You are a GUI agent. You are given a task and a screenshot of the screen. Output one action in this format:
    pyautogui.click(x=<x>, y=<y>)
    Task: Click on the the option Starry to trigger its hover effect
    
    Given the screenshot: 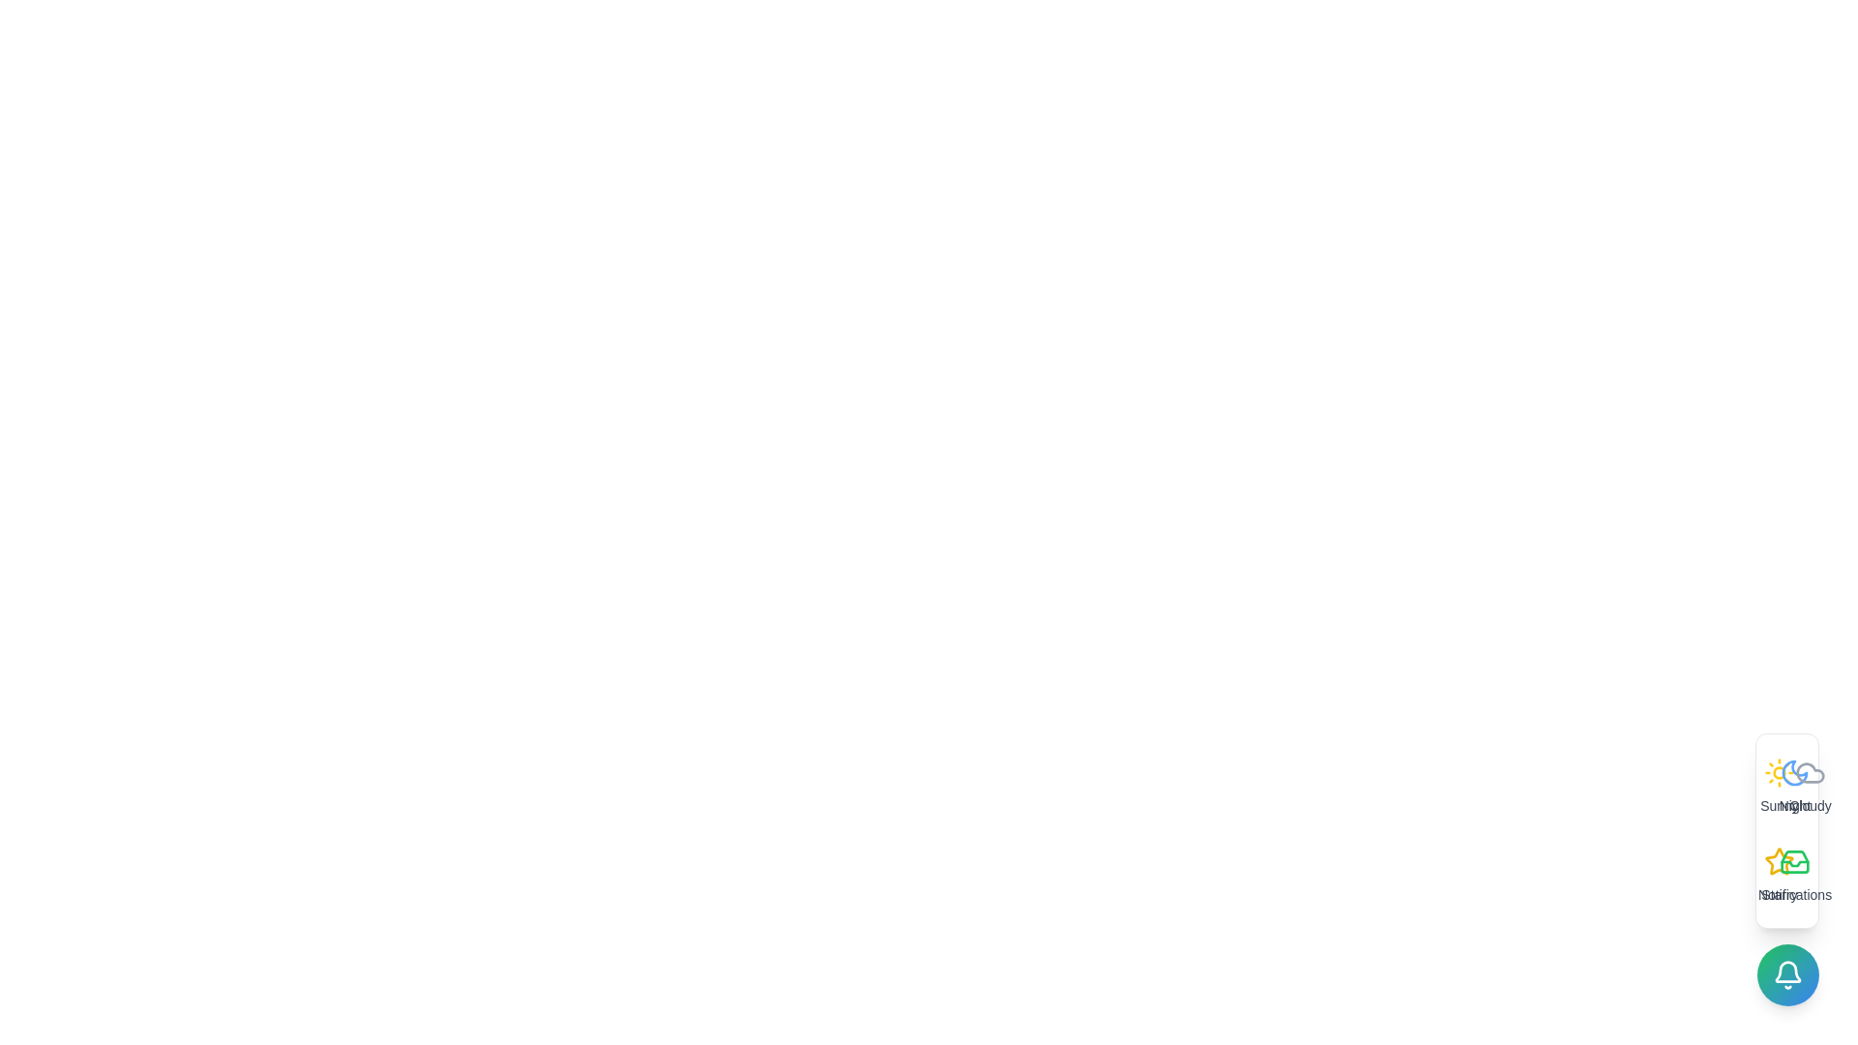 What is the action you would take?
    pyautogui.click(x=1779, y=876)
    